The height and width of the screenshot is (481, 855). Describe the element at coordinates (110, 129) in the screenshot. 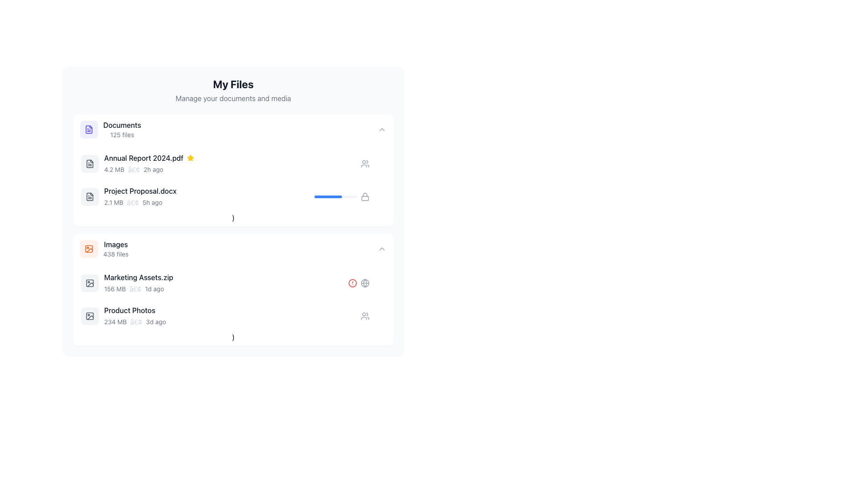

I see `the 'Documents' category header with icon and text` at that location.